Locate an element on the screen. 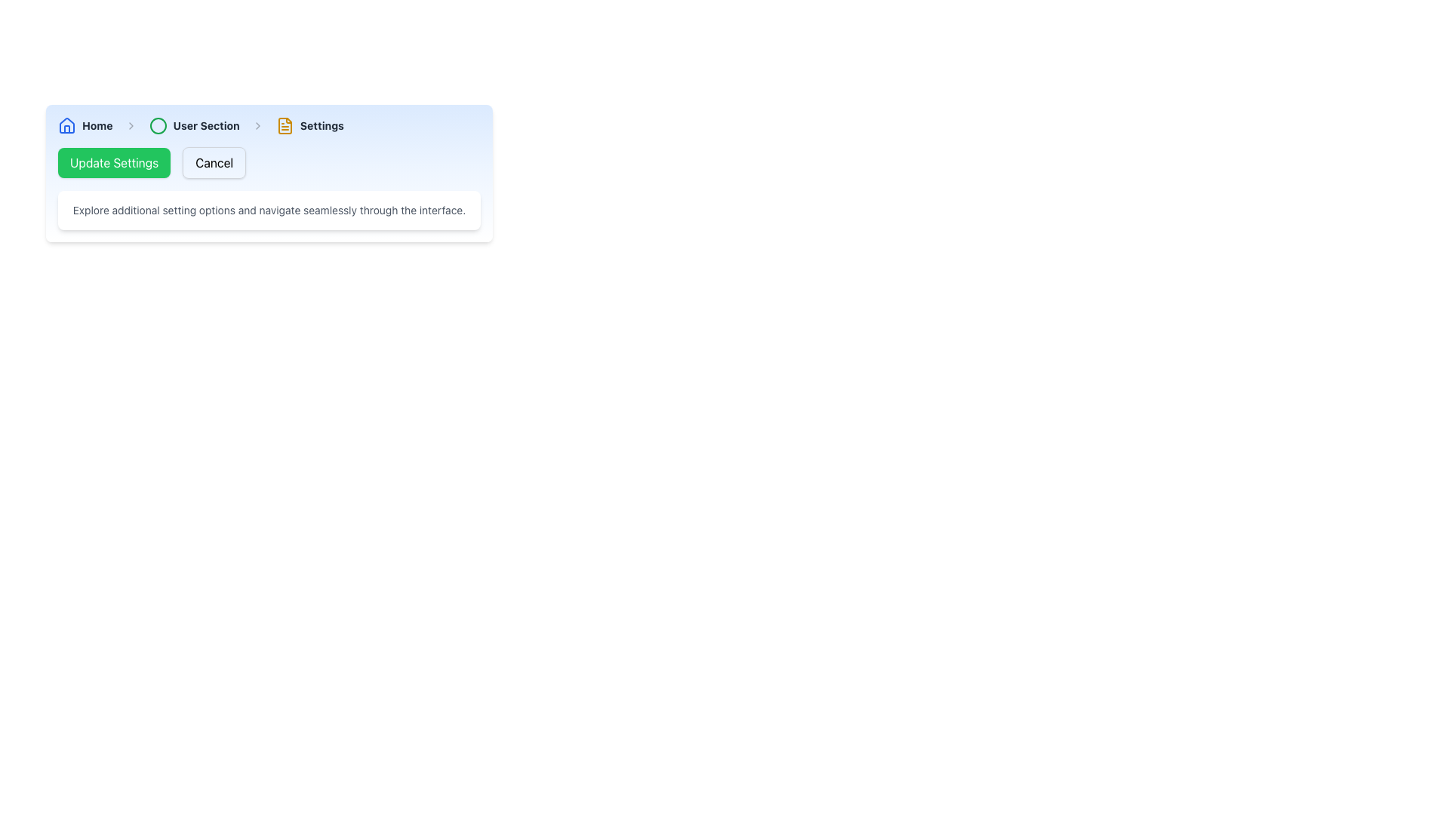  the Breadcrumb navigation item labeled 'Settings', which includes a yellow document icon and is the third item in the breadcrumb navigation bar is located at coordinates (309, 125).